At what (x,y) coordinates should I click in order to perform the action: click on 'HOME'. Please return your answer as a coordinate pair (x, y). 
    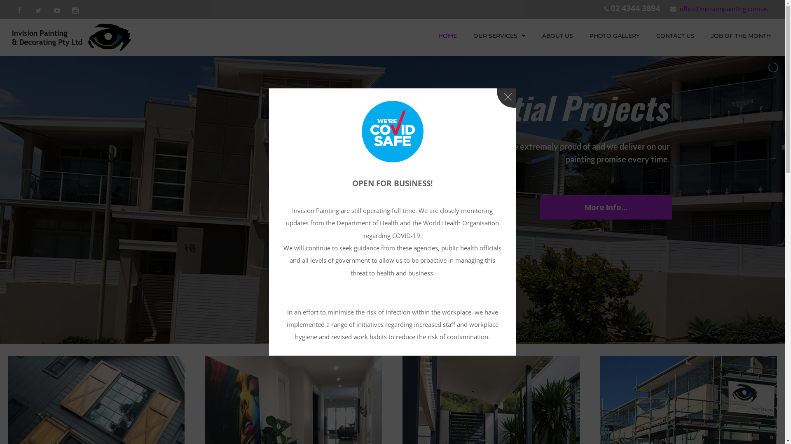
    Looking at the image, I should click on (438, 35).